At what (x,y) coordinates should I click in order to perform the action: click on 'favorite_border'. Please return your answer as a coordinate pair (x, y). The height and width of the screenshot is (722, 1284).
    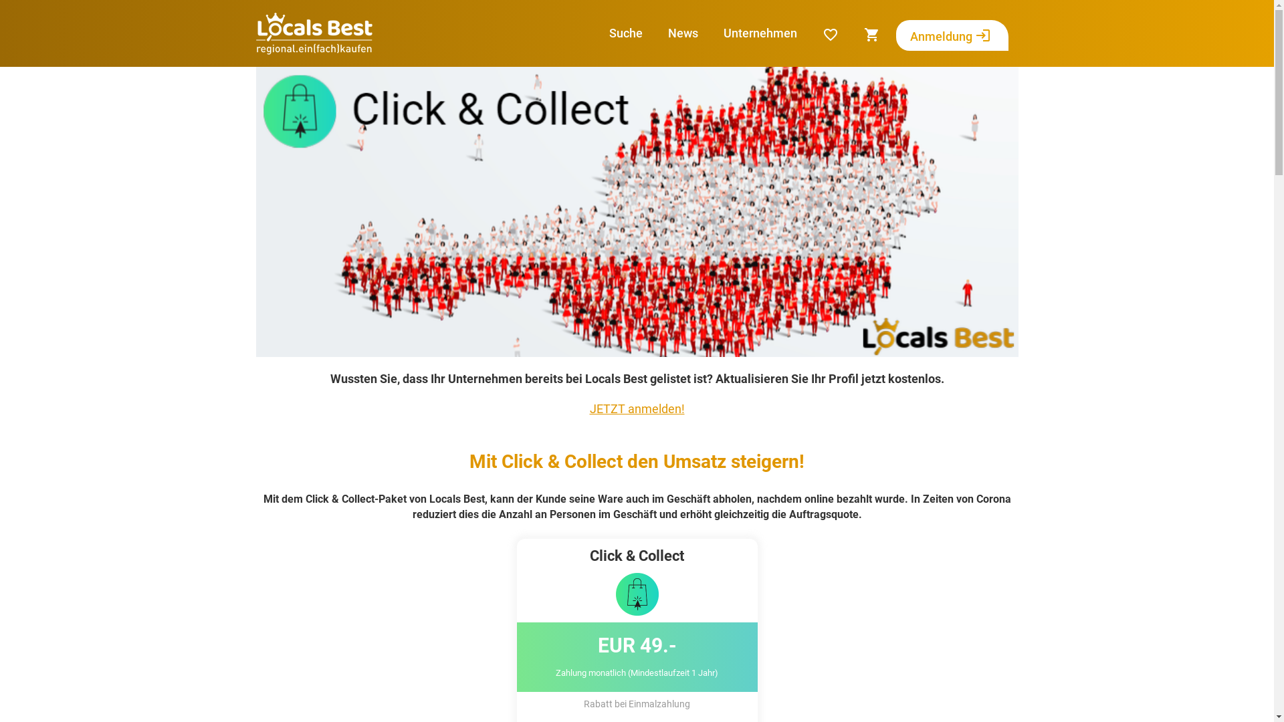
    Looking at the image, I should click on (833, 33).